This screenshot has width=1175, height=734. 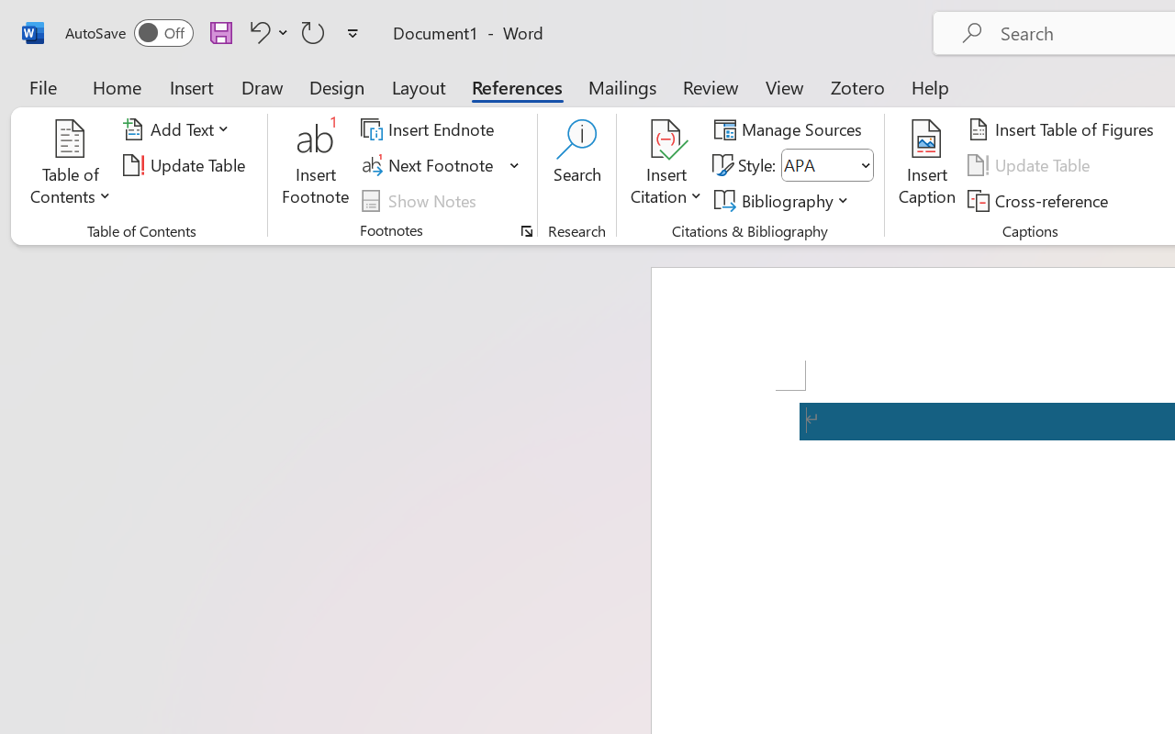 What do you see at coordinates (576, 164) in the screenshot?
I see `'Search'` at bounding box center [576, 164].